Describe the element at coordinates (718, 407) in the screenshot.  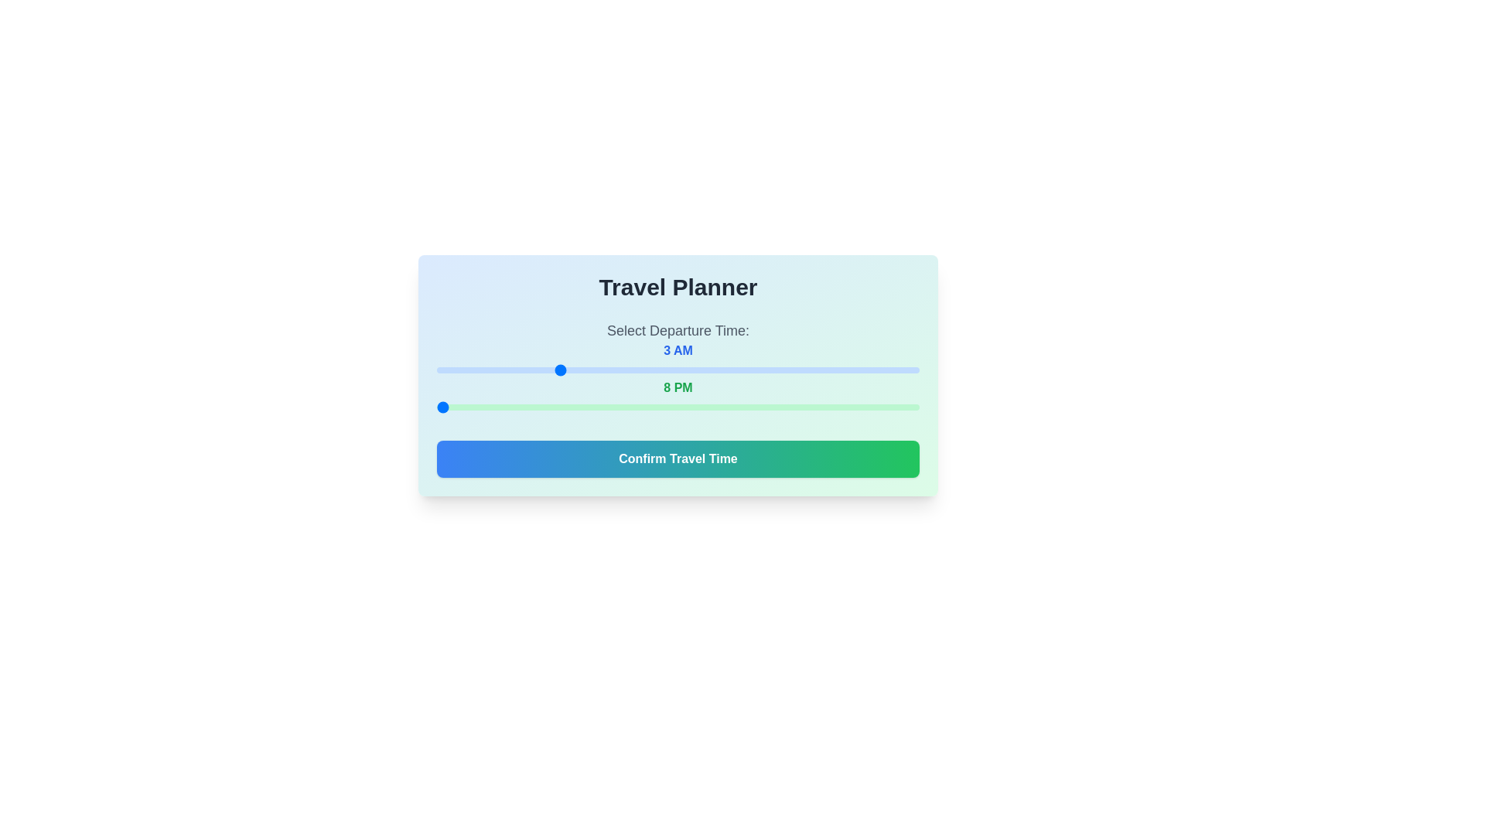
I see `the slider value` at that location.